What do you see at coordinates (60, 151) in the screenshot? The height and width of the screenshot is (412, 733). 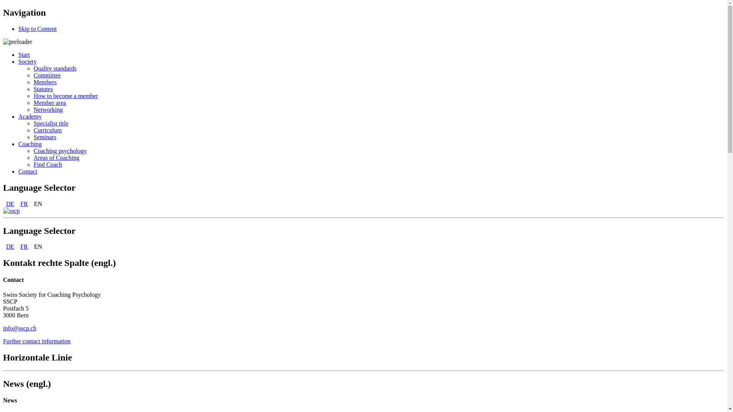 I see `'Coaching psychology'` at bounding box center [60, 151].